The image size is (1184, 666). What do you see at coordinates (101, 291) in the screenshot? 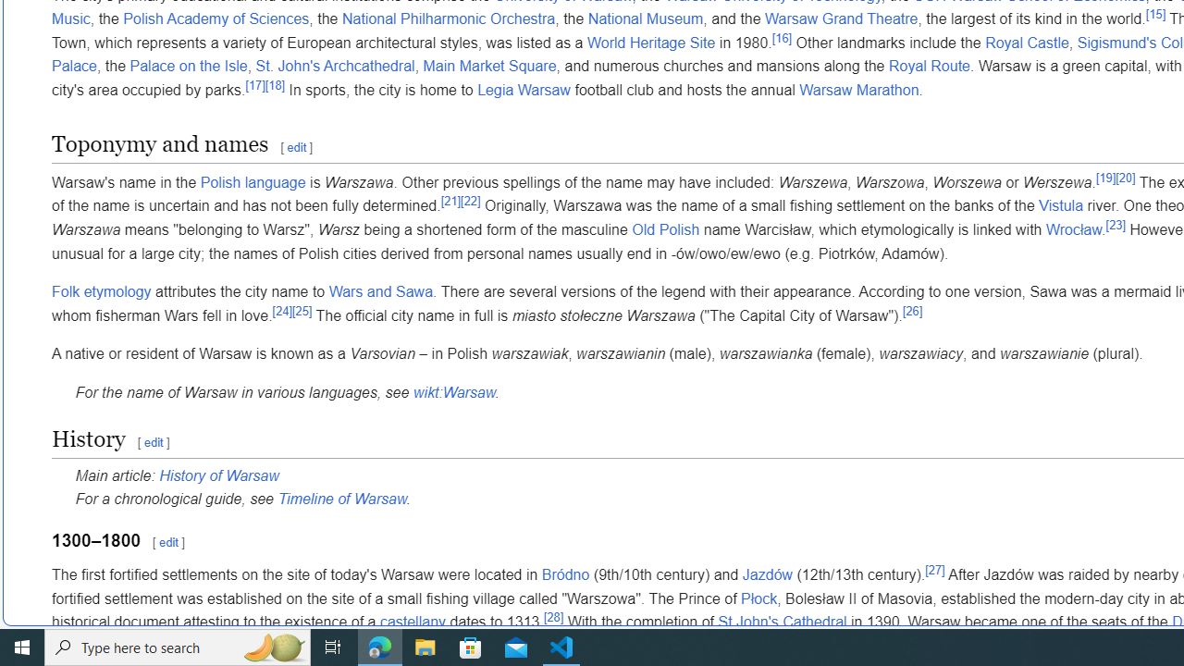
I see `'Folk etymology'` at bounding box center [101, 291].